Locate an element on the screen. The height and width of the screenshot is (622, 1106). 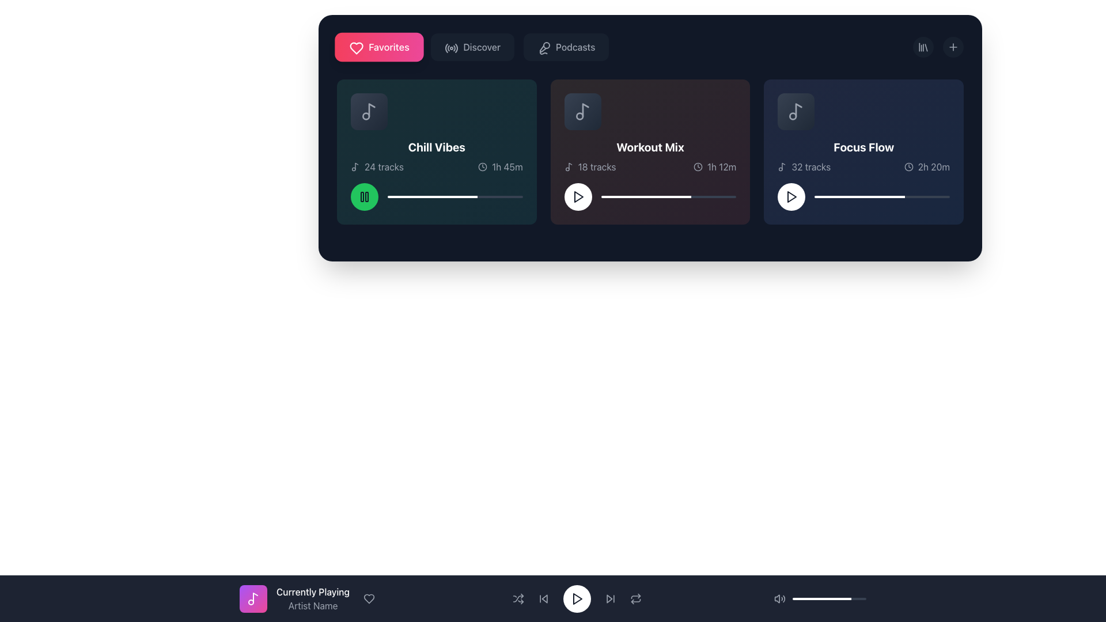
the pause button located at the bottom left of the 'Chill Vibes' card is located at coordinates (364, 196).